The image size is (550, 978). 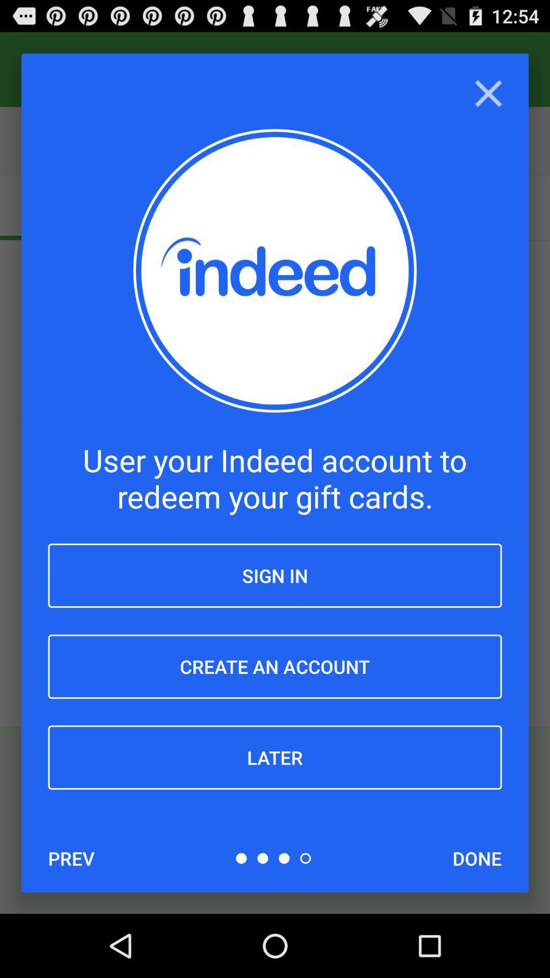 I want to click on item below sign in icon, so click(x=275, y=666).